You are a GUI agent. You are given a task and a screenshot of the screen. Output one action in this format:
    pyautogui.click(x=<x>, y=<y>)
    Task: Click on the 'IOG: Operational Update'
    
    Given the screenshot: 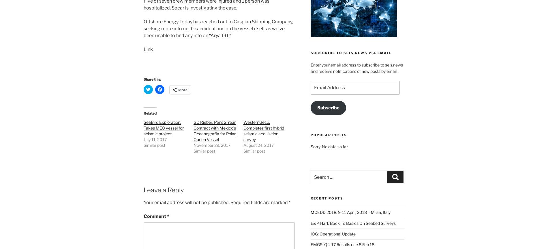 What is the action you would take?
    pyautogui.click(x=333, y=233)
    